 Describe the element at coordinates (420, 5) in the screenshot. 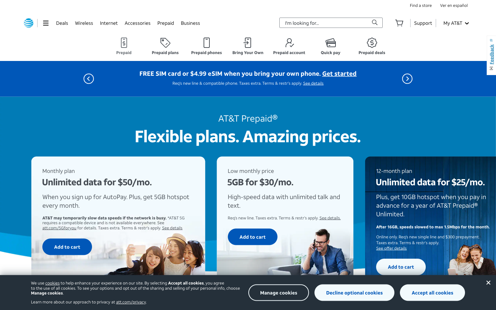

I see `the store locations tab through double click` at that location.